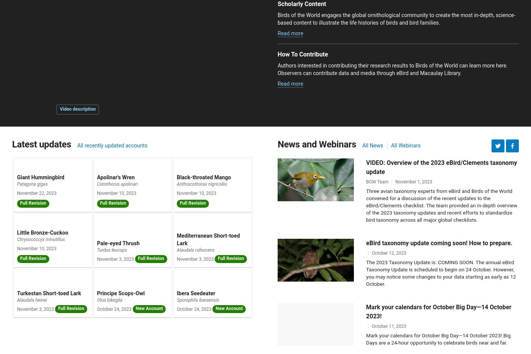 The width and height of the screenshot is (531, 354). What do you see at coordinates (118, 243) in the screenshot?
I see `'Pale-eyed Thrush'` at bounding box center [118, 243].